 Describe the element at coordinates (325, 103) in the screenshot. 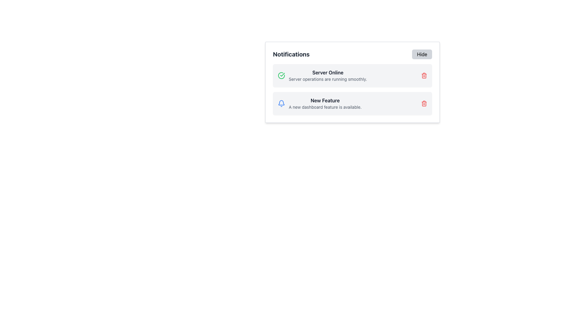

I see `the Text Description Block that communicates a new feature notification, located in the lower notification item of the Notifications section` at that location.